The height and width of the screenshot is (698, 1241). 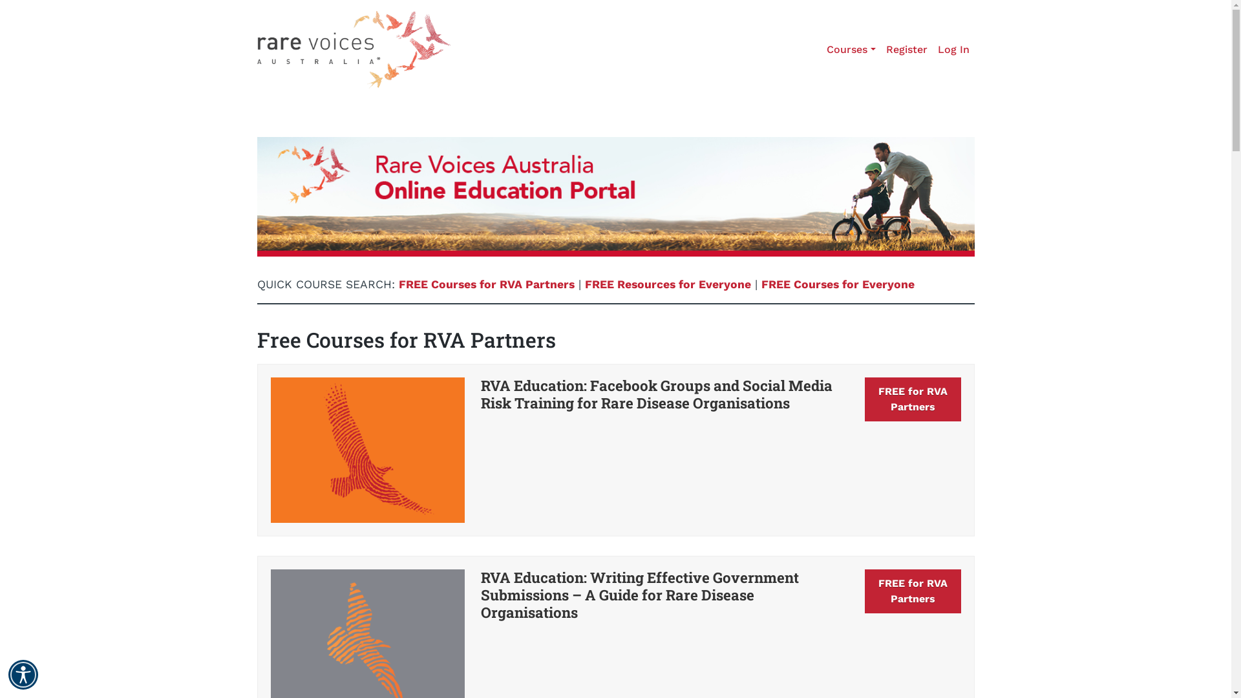 What do you see at coordinates (667, 283) in the screenshot?
I see `'FREE Resources for Everyone'` at bounding box center [667, 283].